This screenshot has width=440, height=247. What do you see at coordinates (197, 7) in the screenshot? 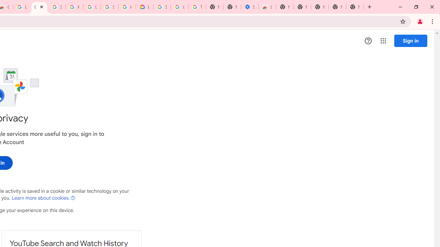
I see `'Turn cookies on or off - Computer - Google Account Help'` at bounding box center [197, 7].